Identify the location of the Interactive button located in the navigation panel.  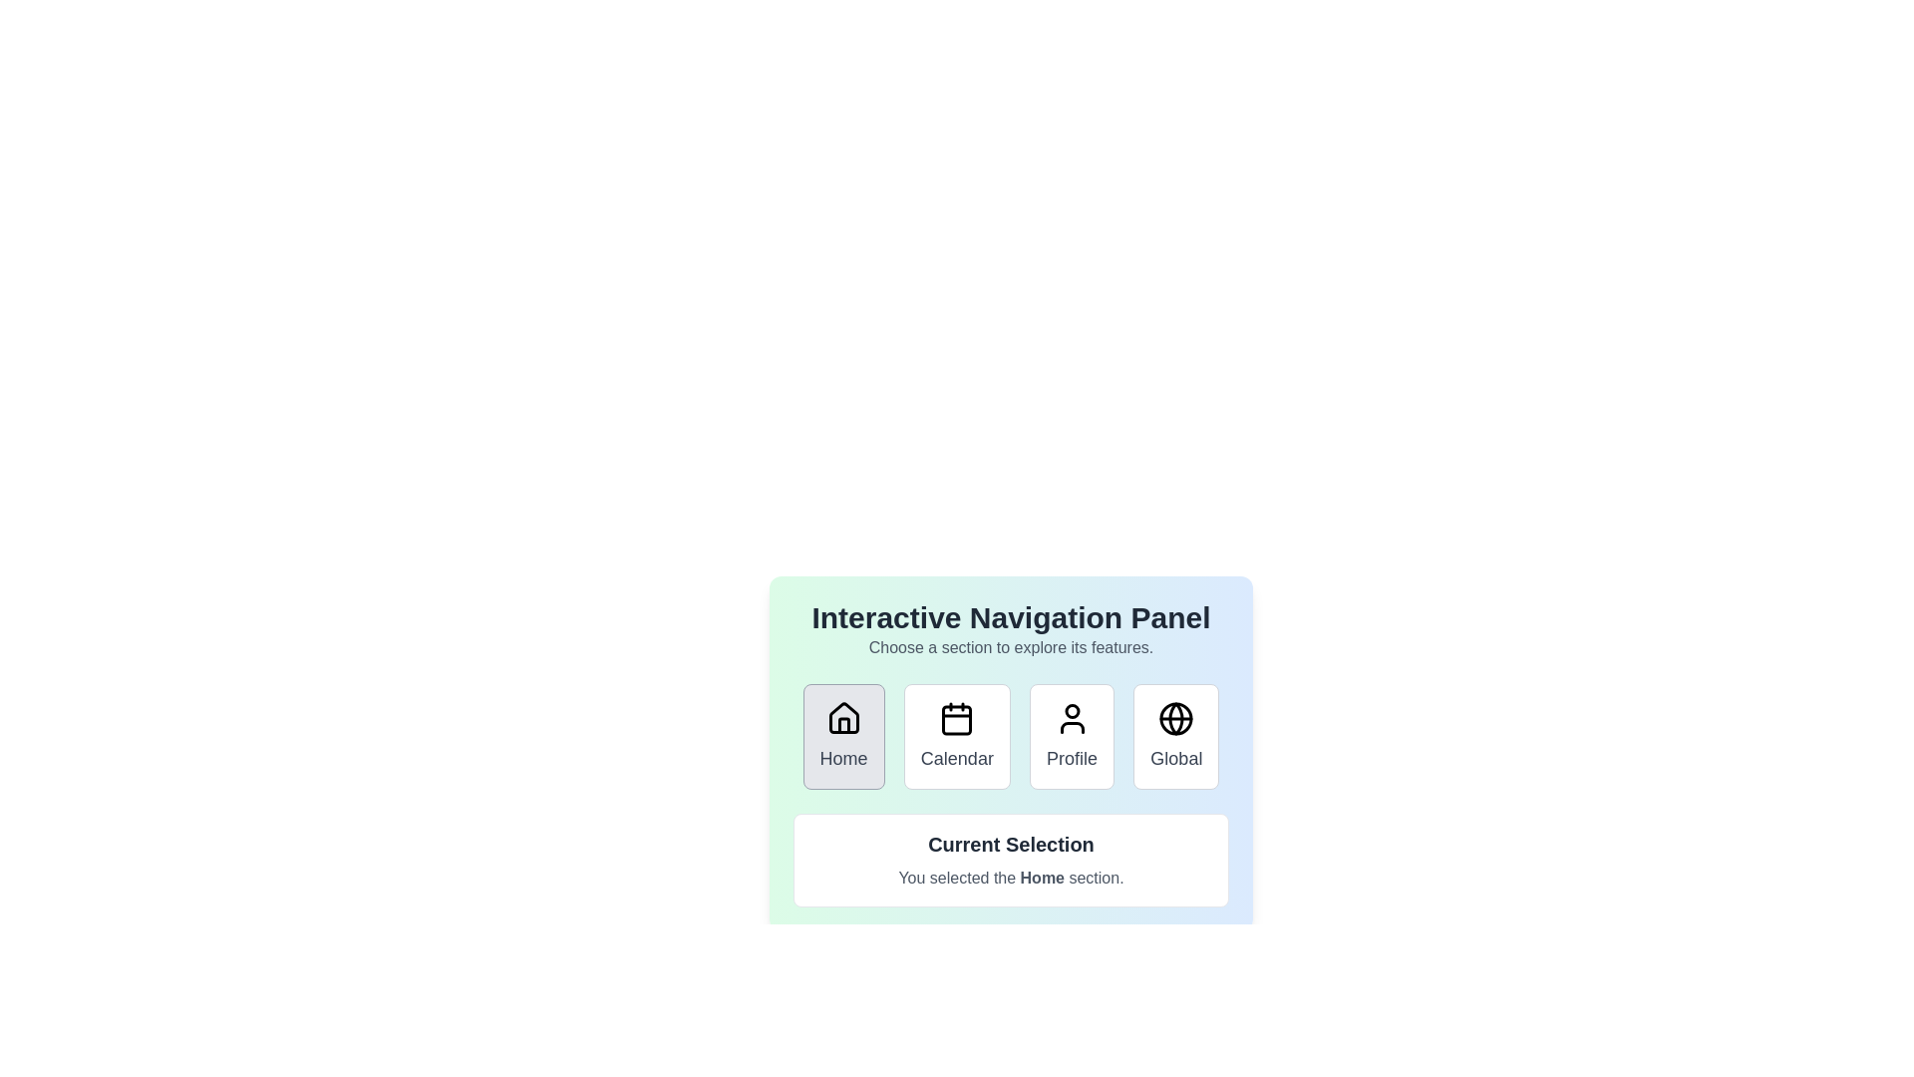
(1011, 722).